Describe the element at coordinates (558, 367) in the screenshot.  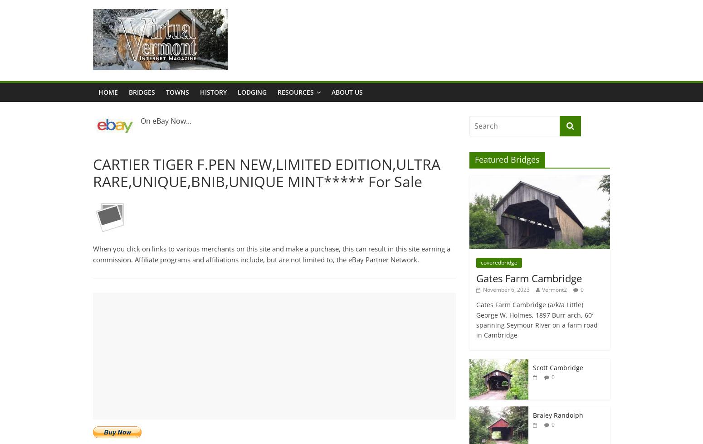
I see `'Scott Cambridge'` at that location.